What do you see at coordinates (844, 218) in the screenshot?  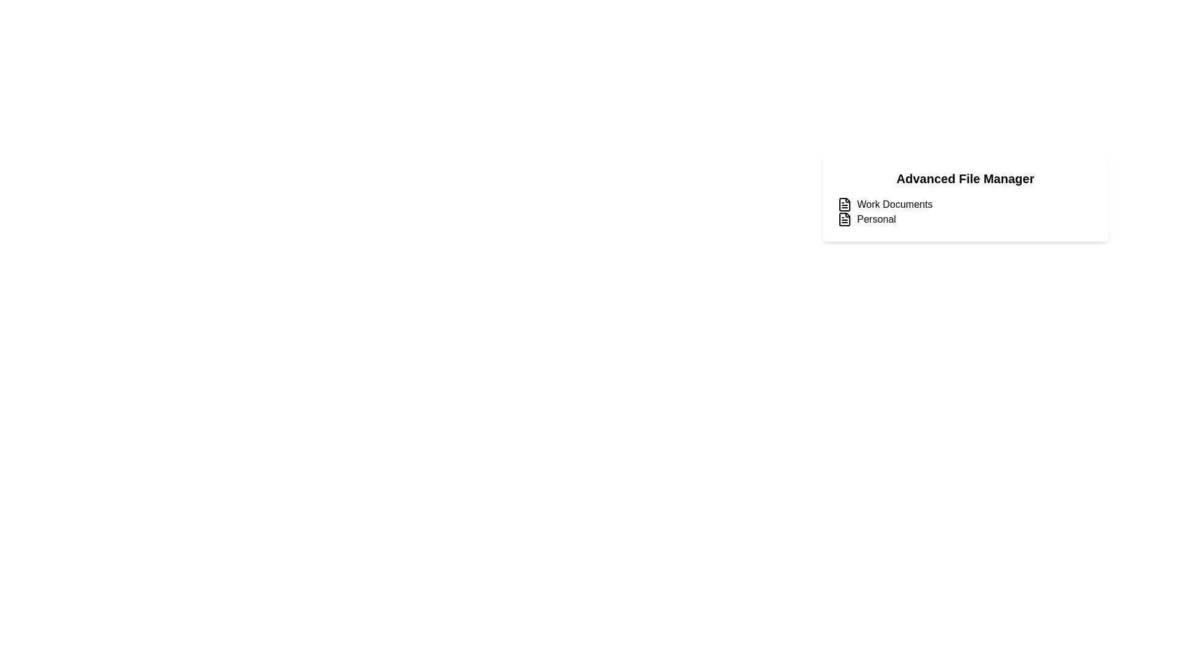 I see `the 'Personal' icon, which visually represents a document or file category, positioned to the left of the text label 'Personal' in the 'Advanced File Manager' interface under the 'Work Documents' section` at bounding box center [844, 218].